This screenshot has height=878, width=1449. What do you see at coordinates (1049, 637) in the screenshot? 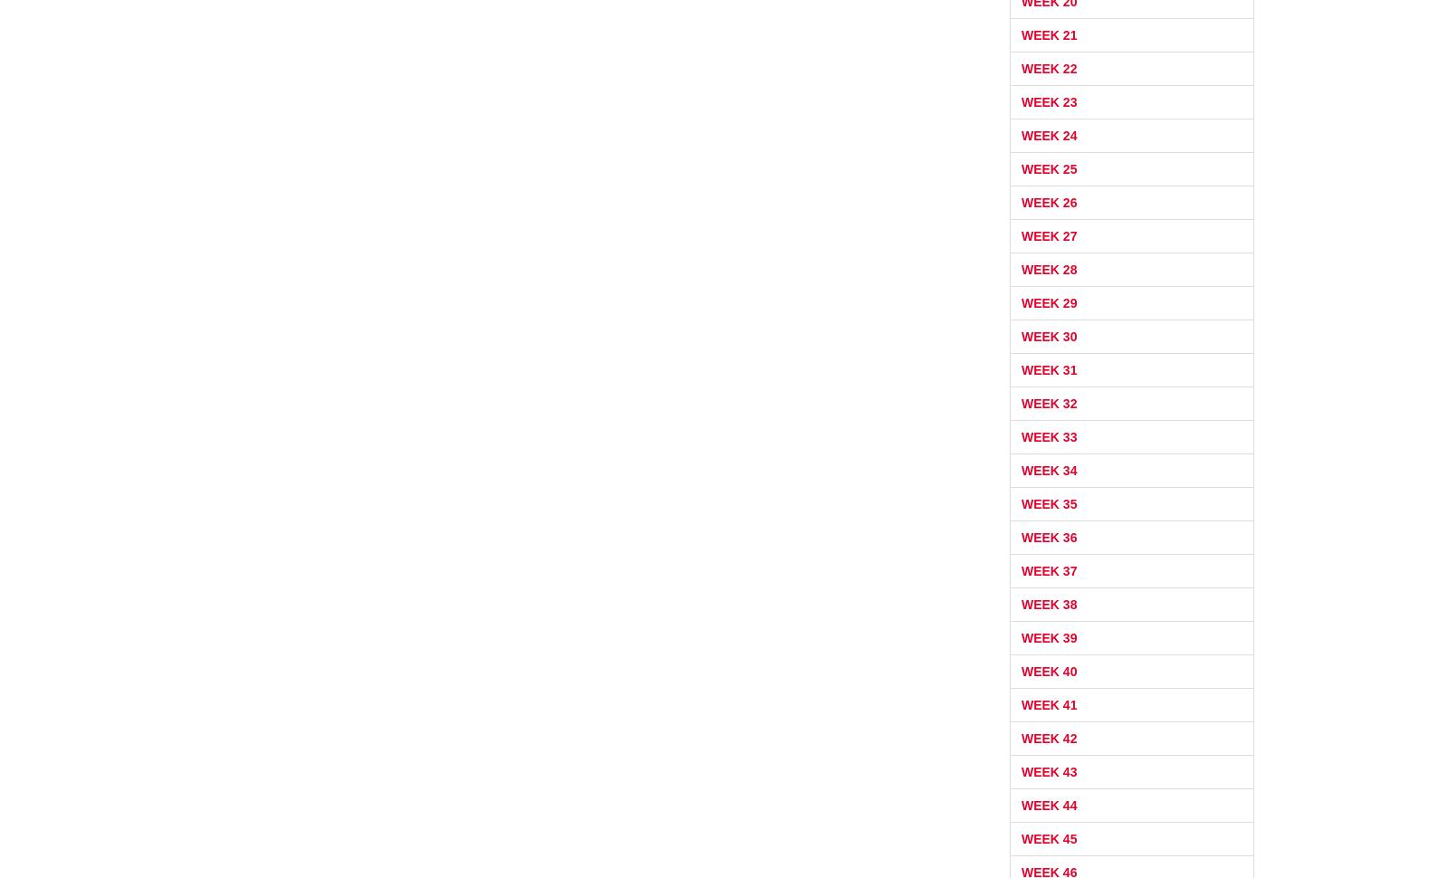
I see `'Week 39'` at bounding box center [1049, 637].